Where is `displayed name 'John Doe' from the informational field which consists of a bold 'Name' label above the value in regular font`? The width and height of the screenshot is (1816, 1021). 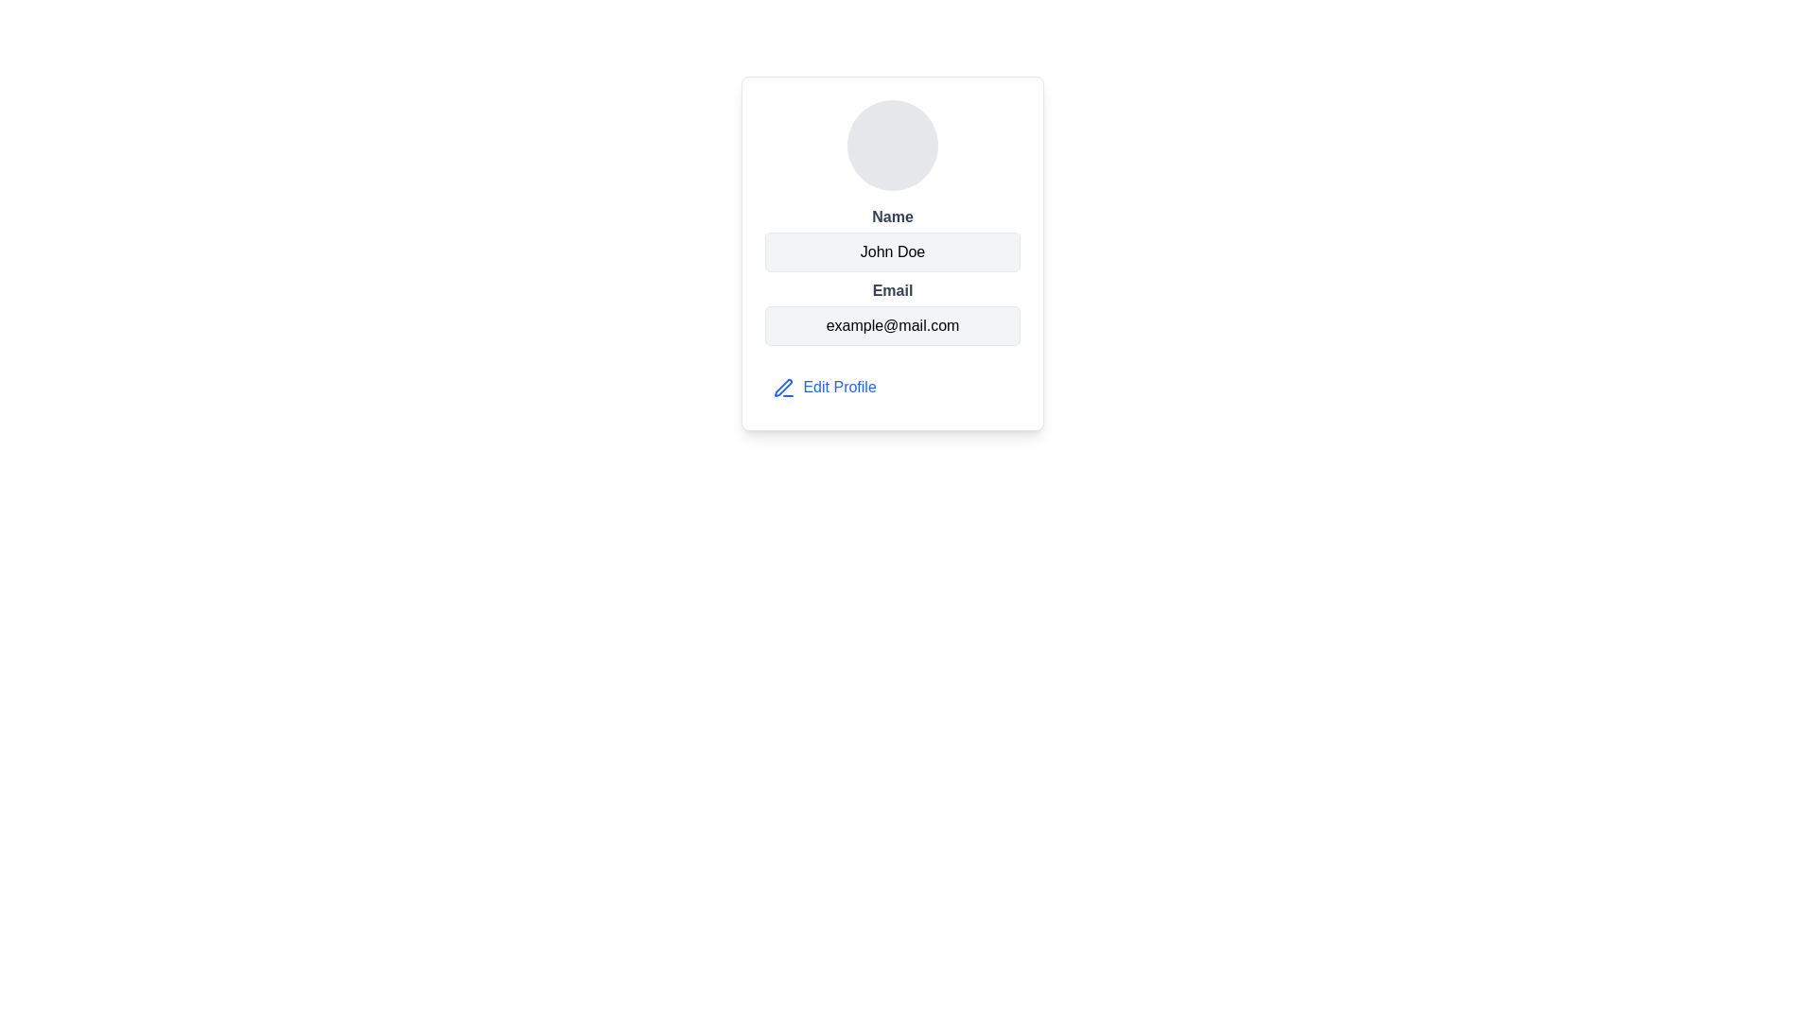
displayed name 'John Doe' from the informational field which consists of a bold 'Name' label above the value in regular font is located at coordinates (892, 238).